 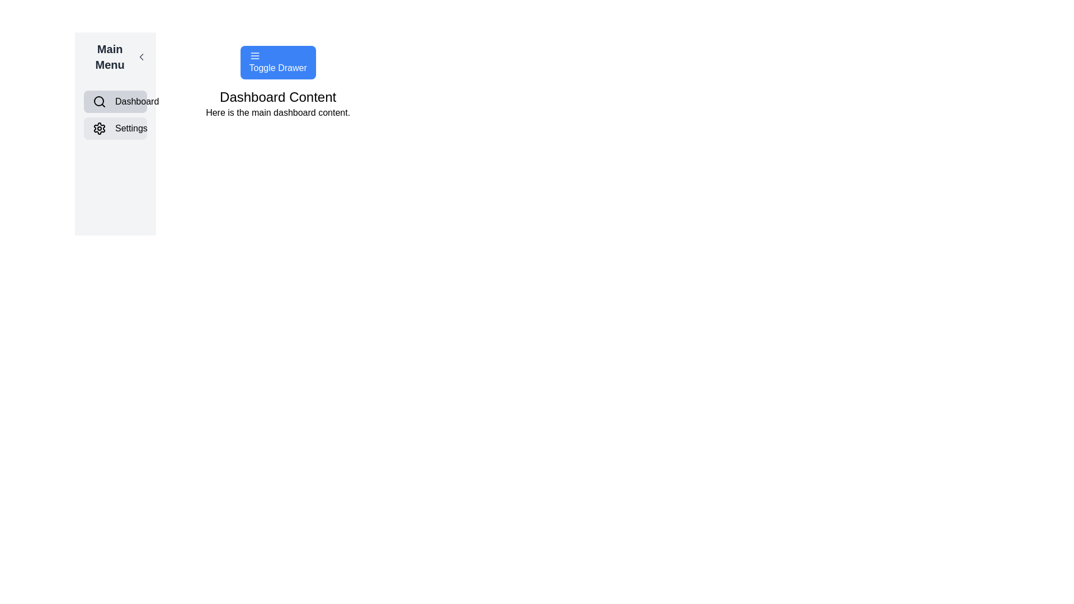 What do you see at coordinates (141, 56) in the screenshot?
I see `the leftward-pointing chevron icon in the top-right corner of the left sidebar menu, adjacent to the 'Main Menu' text` at bounding box center [141, 56].